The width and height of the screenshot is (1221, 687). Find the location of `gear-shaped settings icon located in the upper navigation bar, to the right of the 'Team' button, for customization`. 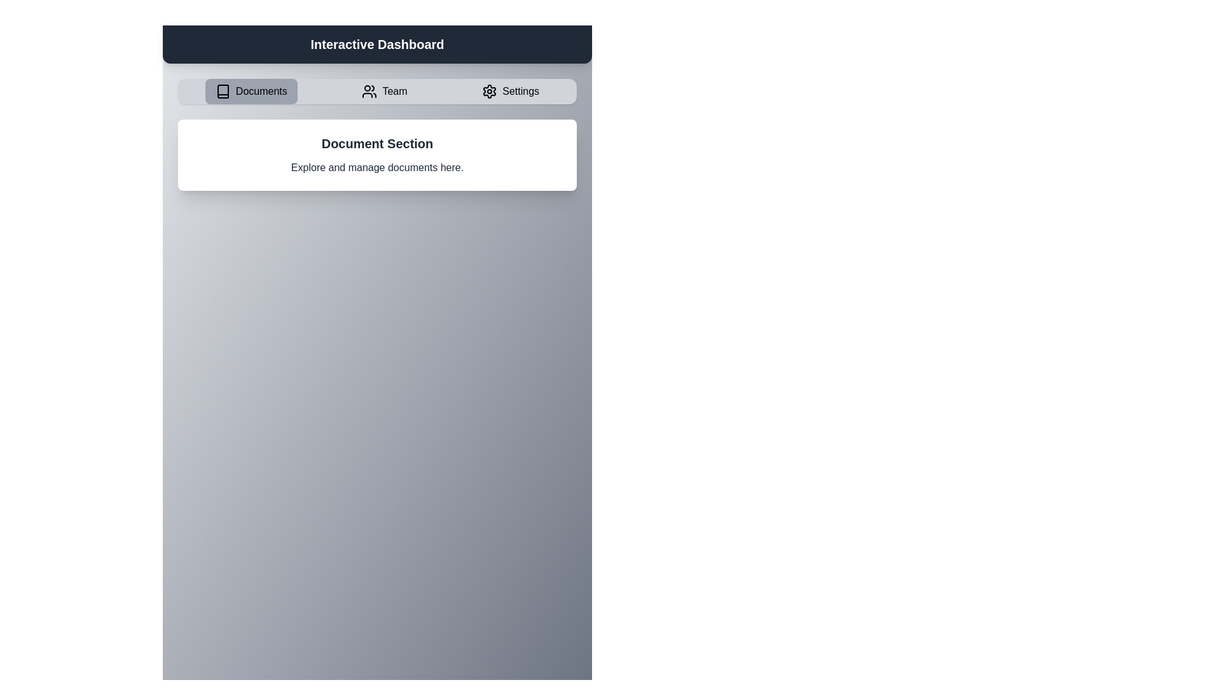

gear-shaped settings icon located in the upper navigation bar, to the right of the 'Team' button, for customization is located at coordinates (489, 90).